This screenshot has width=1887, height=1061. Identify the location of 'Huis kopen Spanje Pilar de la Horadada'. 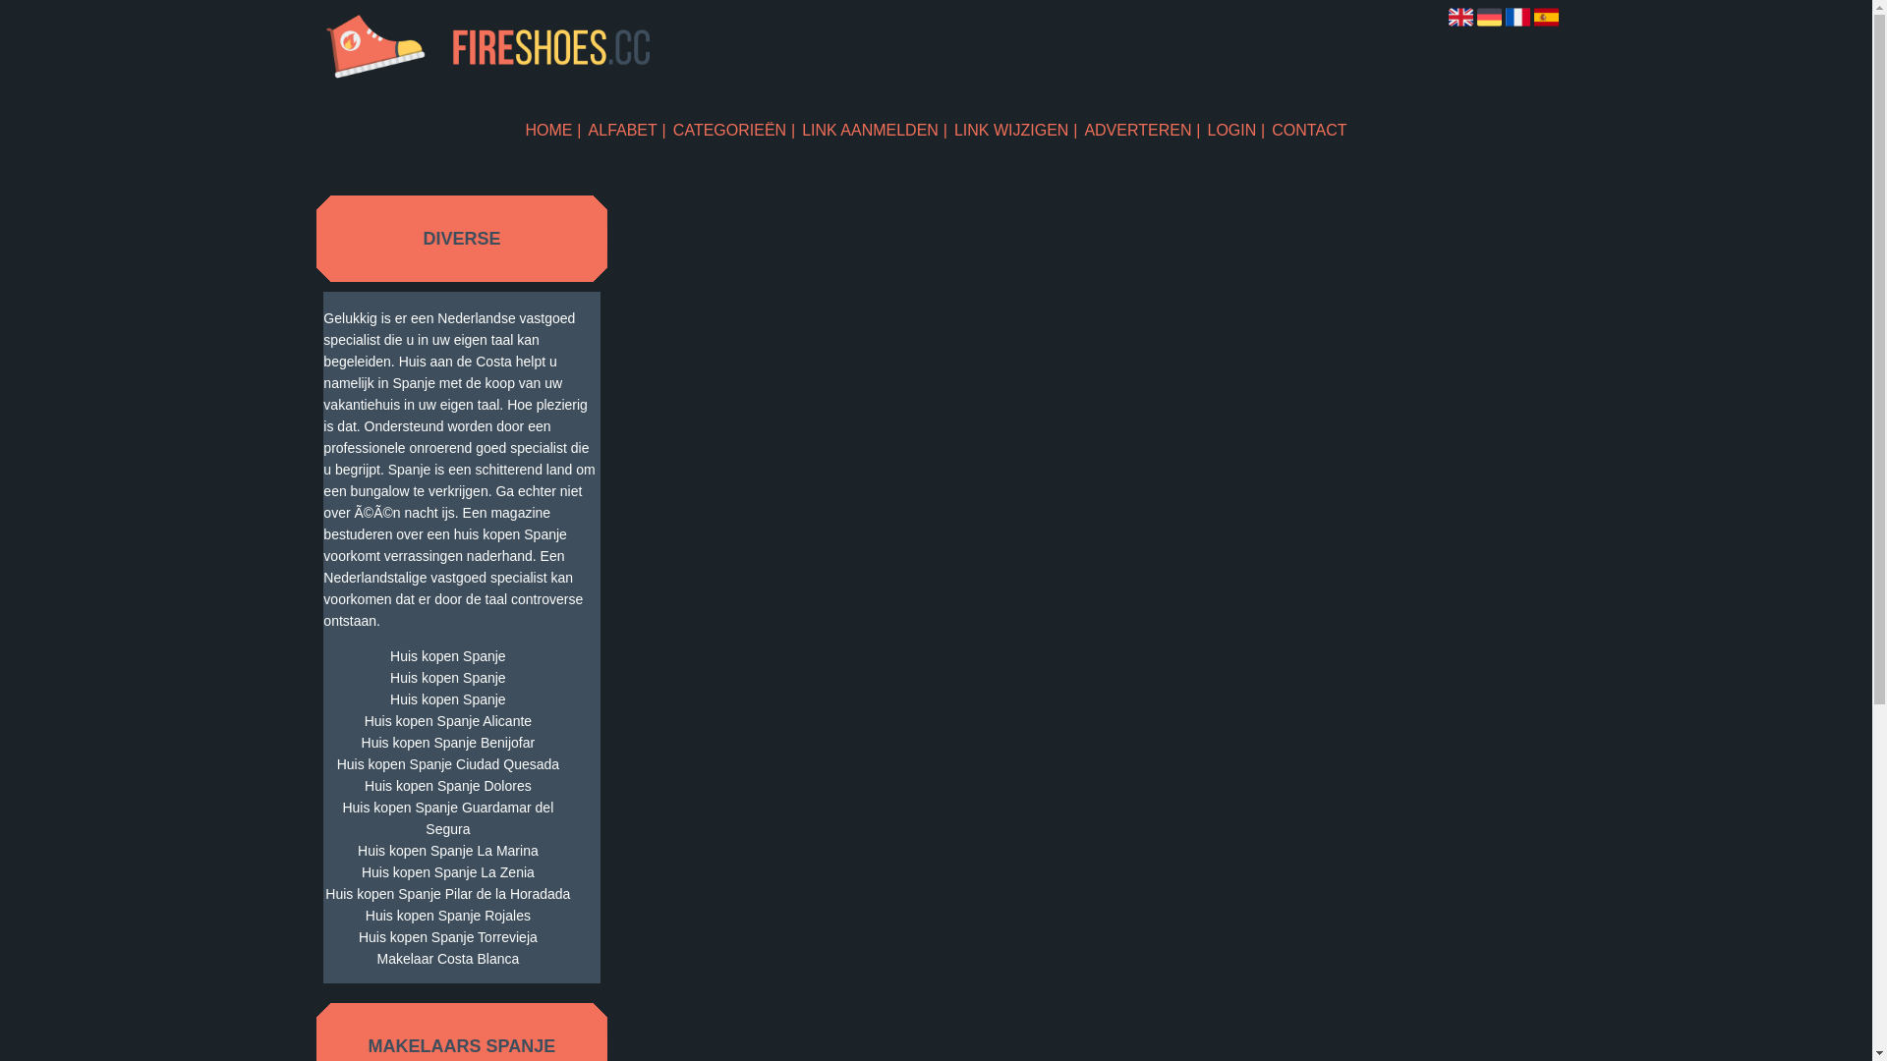
(323, 894).